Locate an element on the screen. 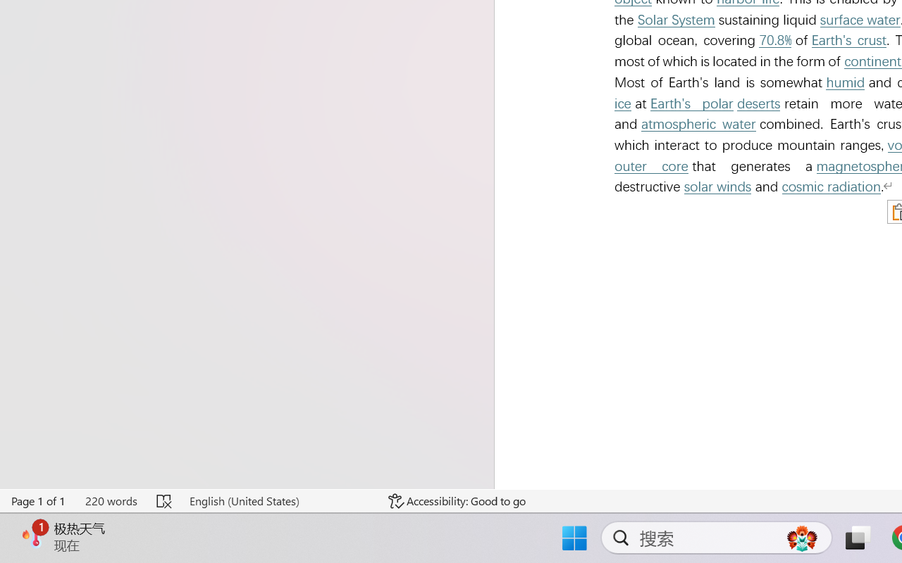 This screenshot has height=563, width=902. 'cosmic radiation' is located at coordinates (832, 186).